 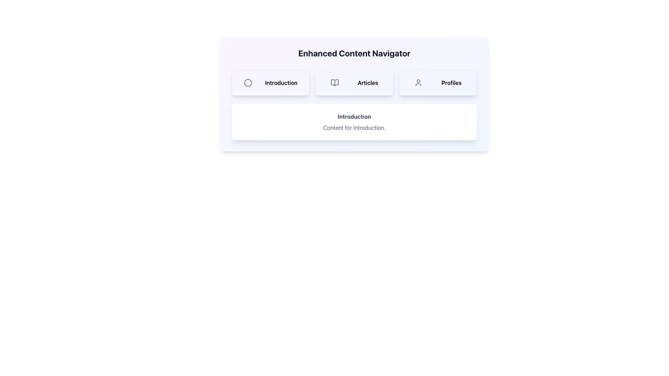 What do you see at coordinates (281, 83) in the screenshot?
I see `the text label displaying 'Introduction' in a bold typeface within the navigation bar for accessibility tools` at bounding box center [281, 83].